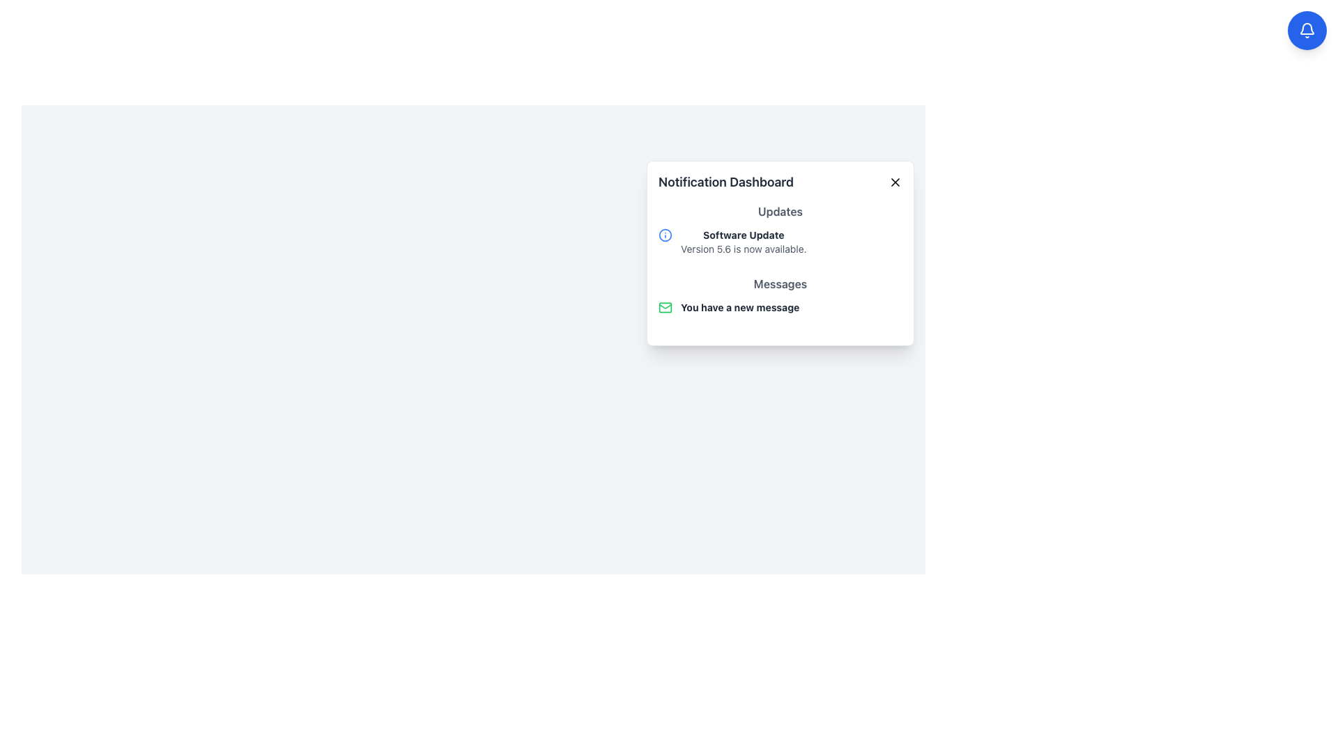 Image resolution: width=1338 pixels, height=752 pixels. Describe the element at coordinates (779, 307) in the screenshot. I see `the Notification item displaying the envelope icon and the message 'You have a new message.' within the 'Messages' card on the Notification Dashboard` at that location.